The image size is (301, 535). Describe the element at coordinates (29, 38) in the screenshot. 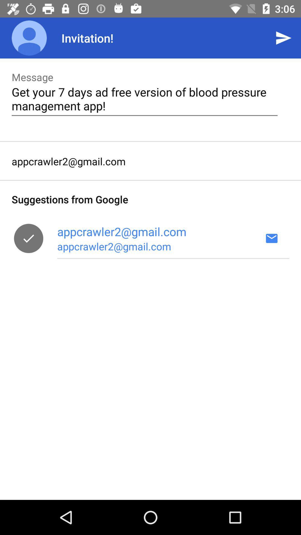

I see `item next to invitation!` at that location.